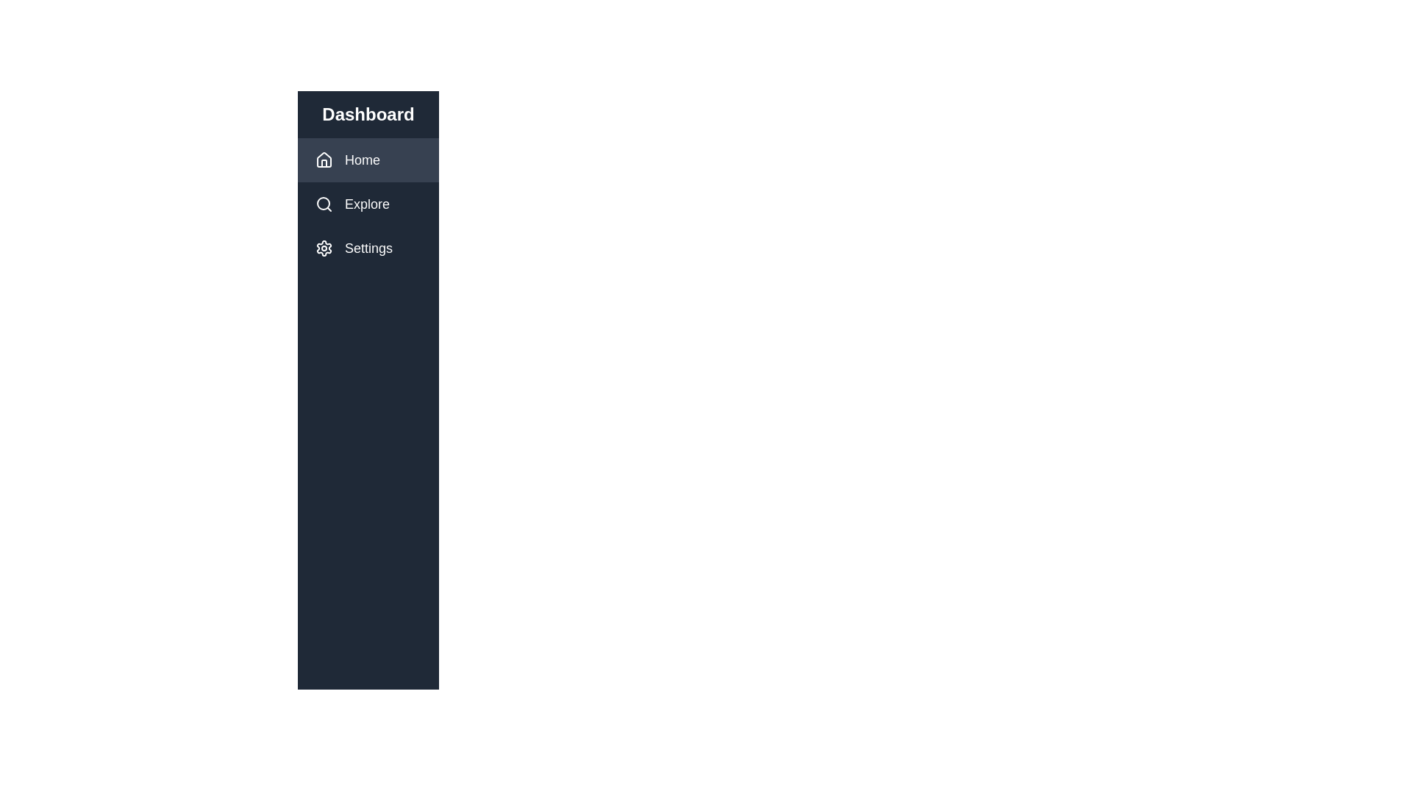 The image size is (1412, 794). I want to click on the 'Settings' button in the vertical navigation menu, which features a gear-shaped icon and is the third option below 'Home' and 'Explore', so click(368, 248).